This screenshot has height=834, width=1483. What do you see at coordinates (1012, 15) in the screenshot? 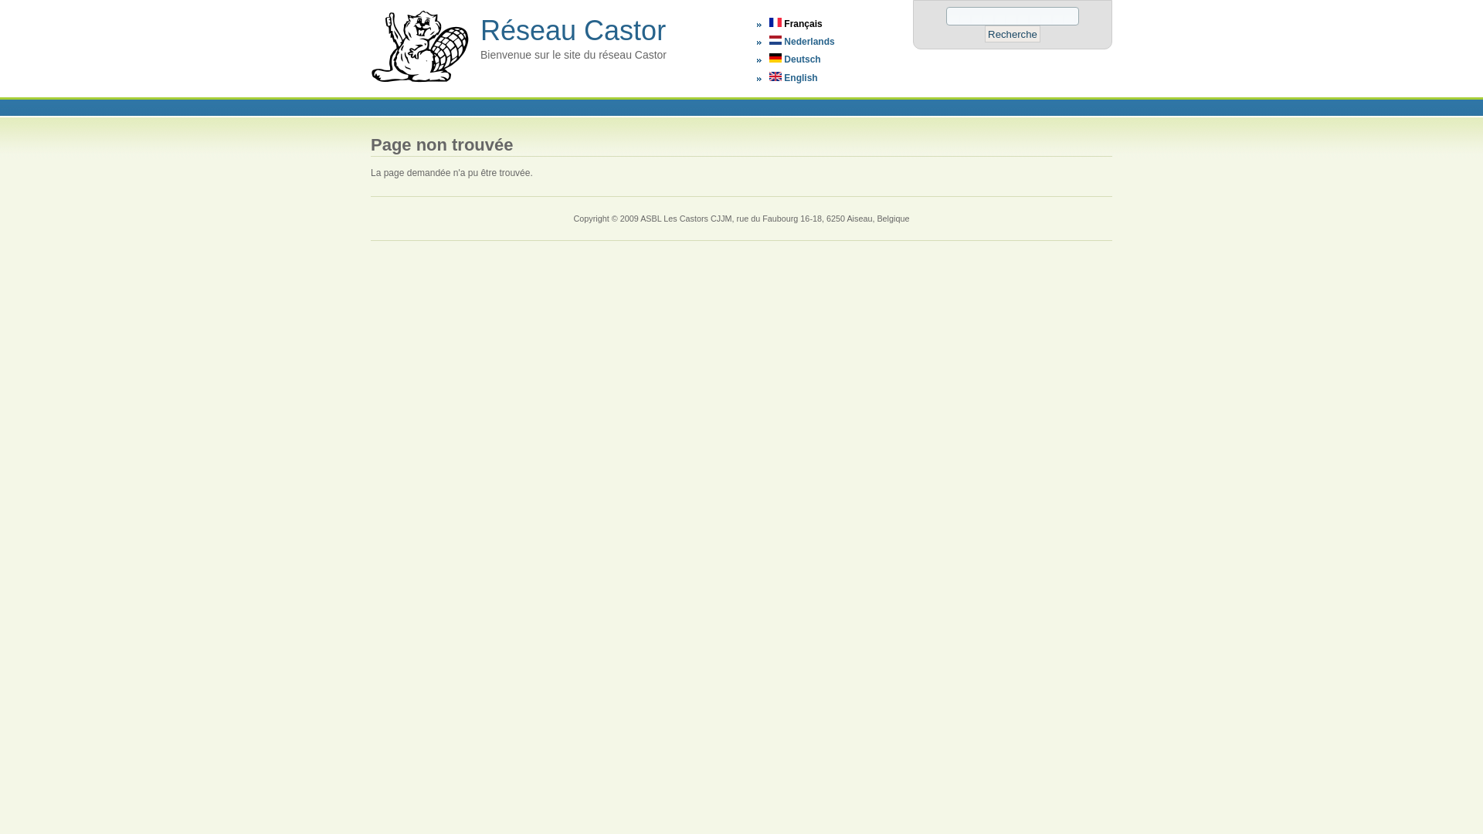
I see `'Saisissez les termes que vous voulez rechercher.'` at bounding box center [1012, 15].